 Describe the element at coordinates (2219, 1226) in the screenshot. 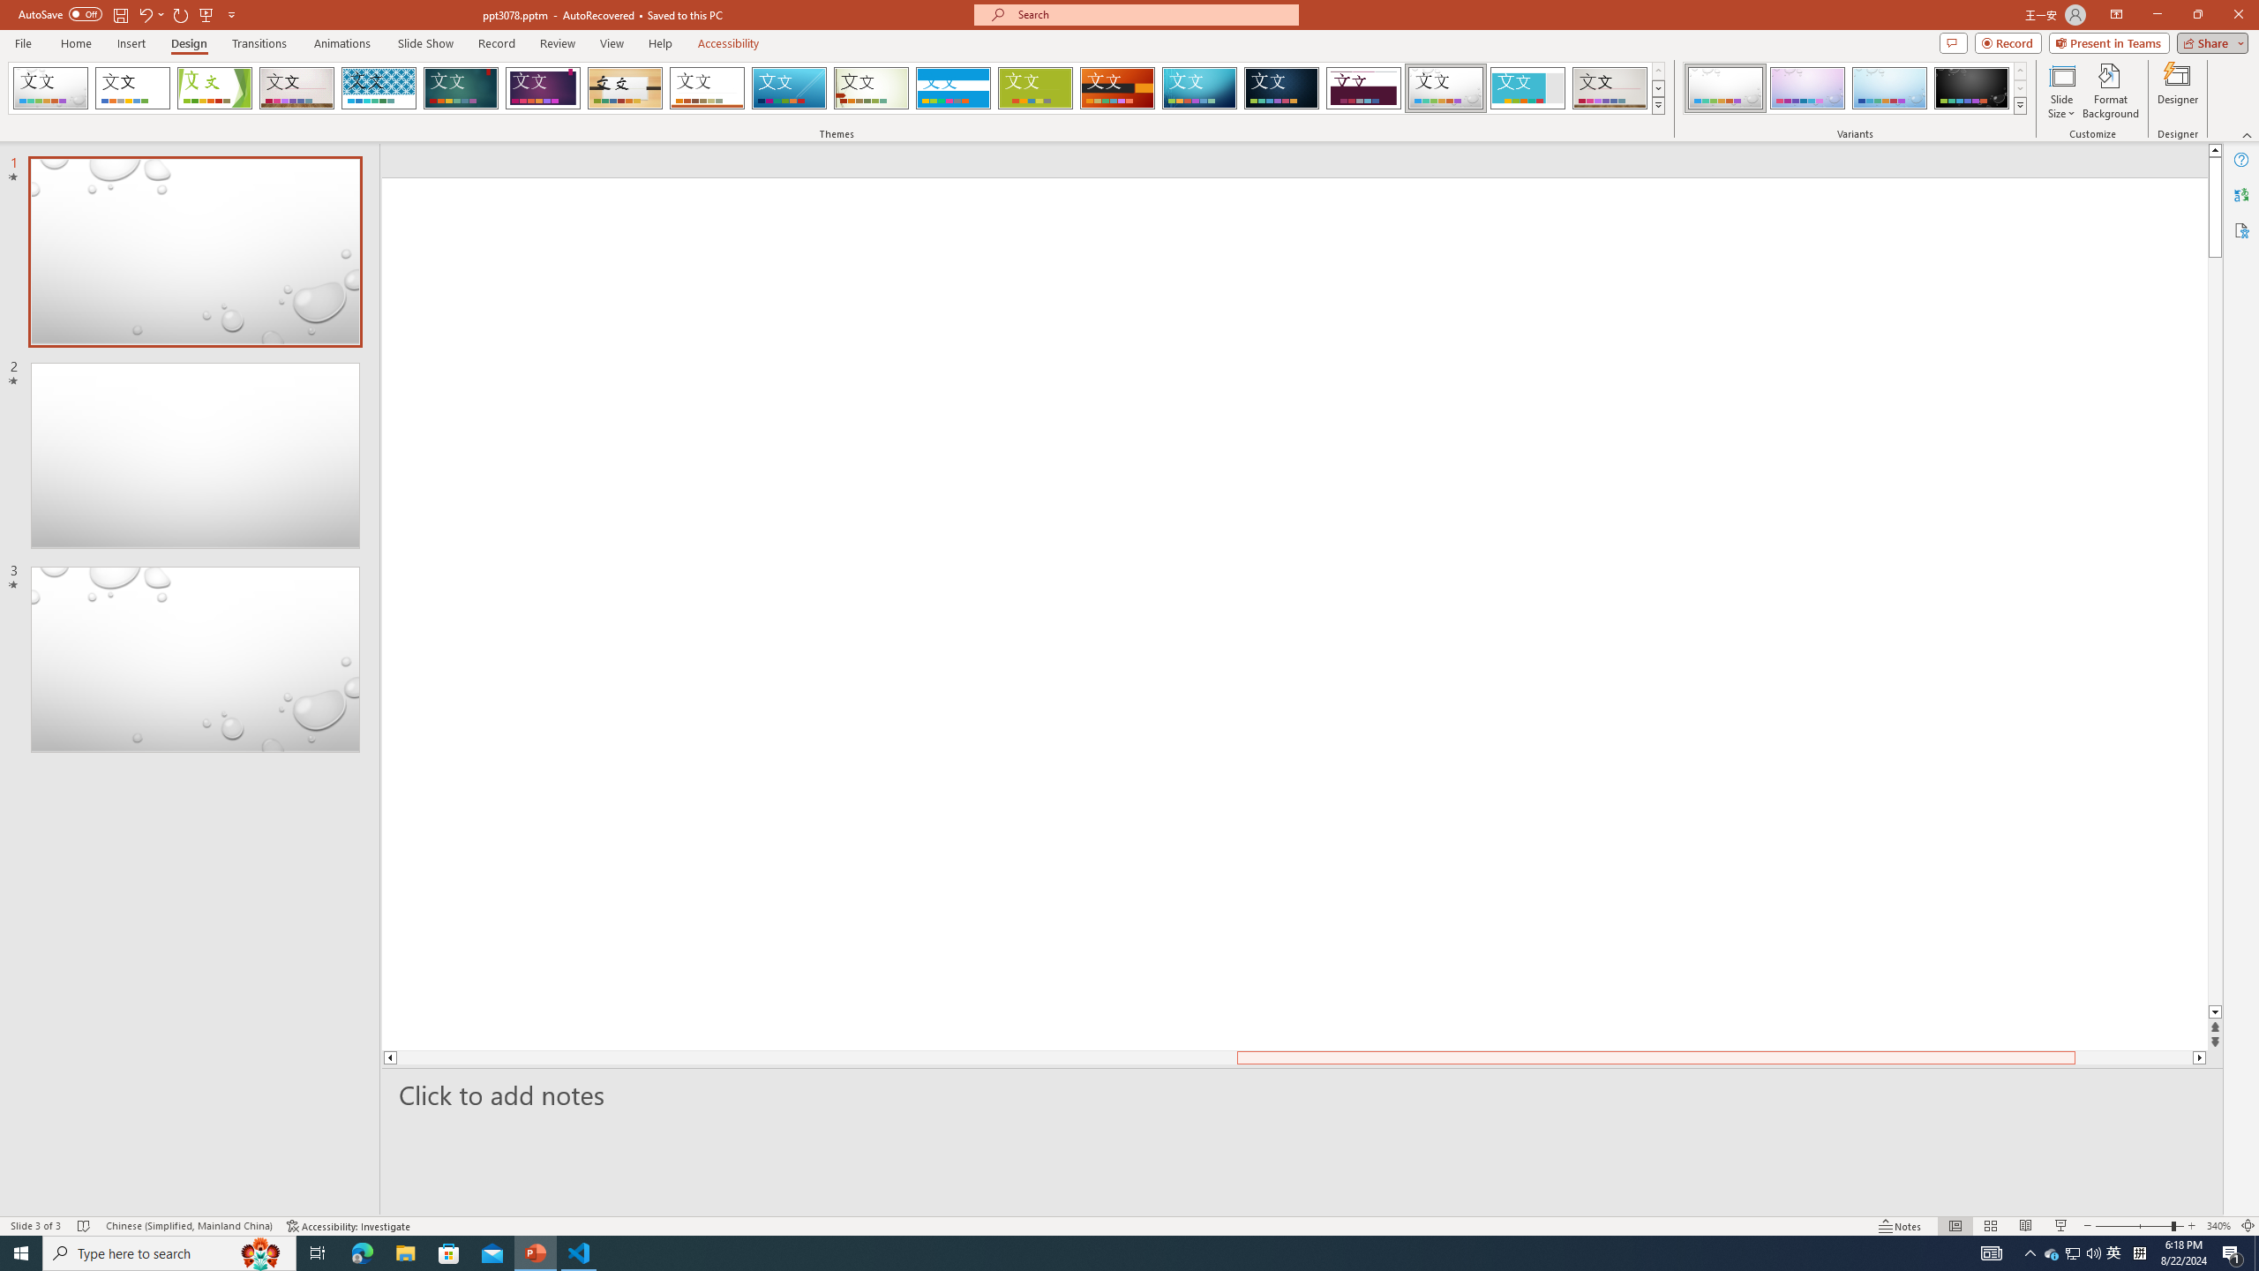

I see `'Zoom 340%'` at that location.